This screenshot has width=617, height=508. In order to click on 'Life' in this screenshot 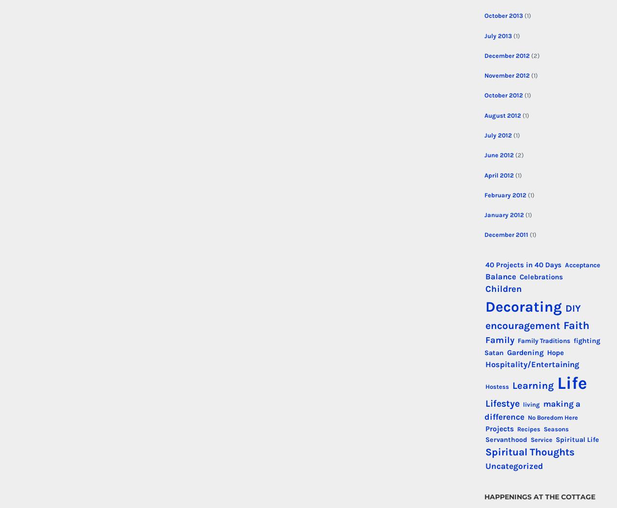, I will do `click(572, 383)`.